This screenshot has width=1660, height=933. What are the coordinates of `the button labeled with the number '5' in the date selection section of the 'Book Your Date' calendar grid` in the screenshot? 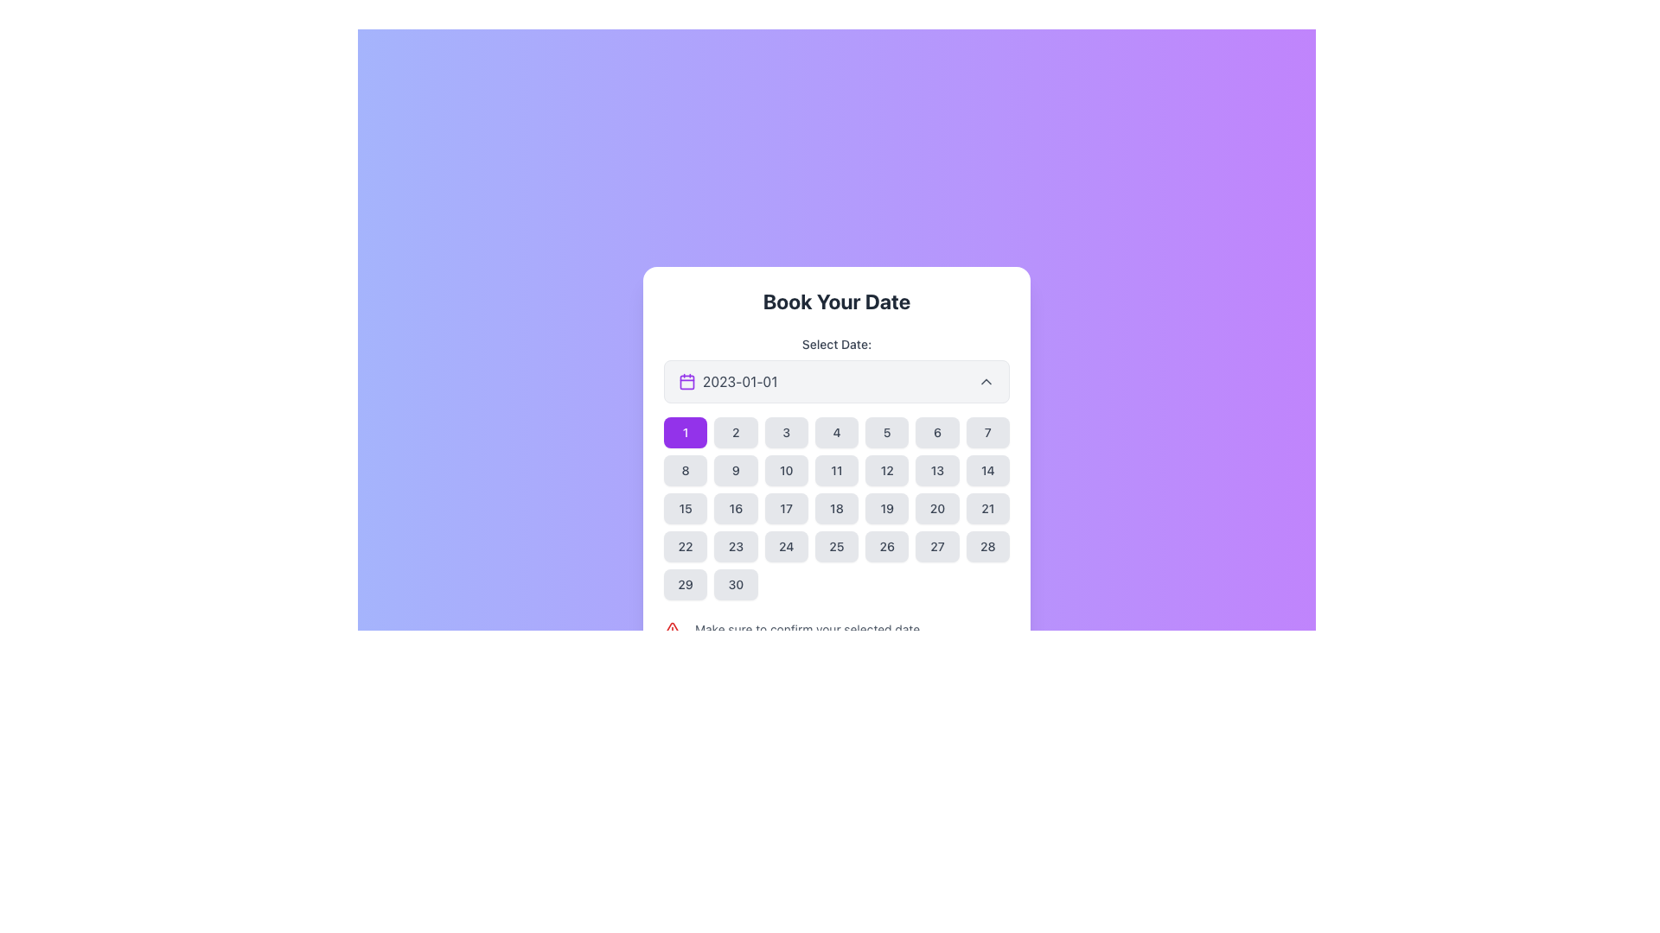 It's located at (887, 432).